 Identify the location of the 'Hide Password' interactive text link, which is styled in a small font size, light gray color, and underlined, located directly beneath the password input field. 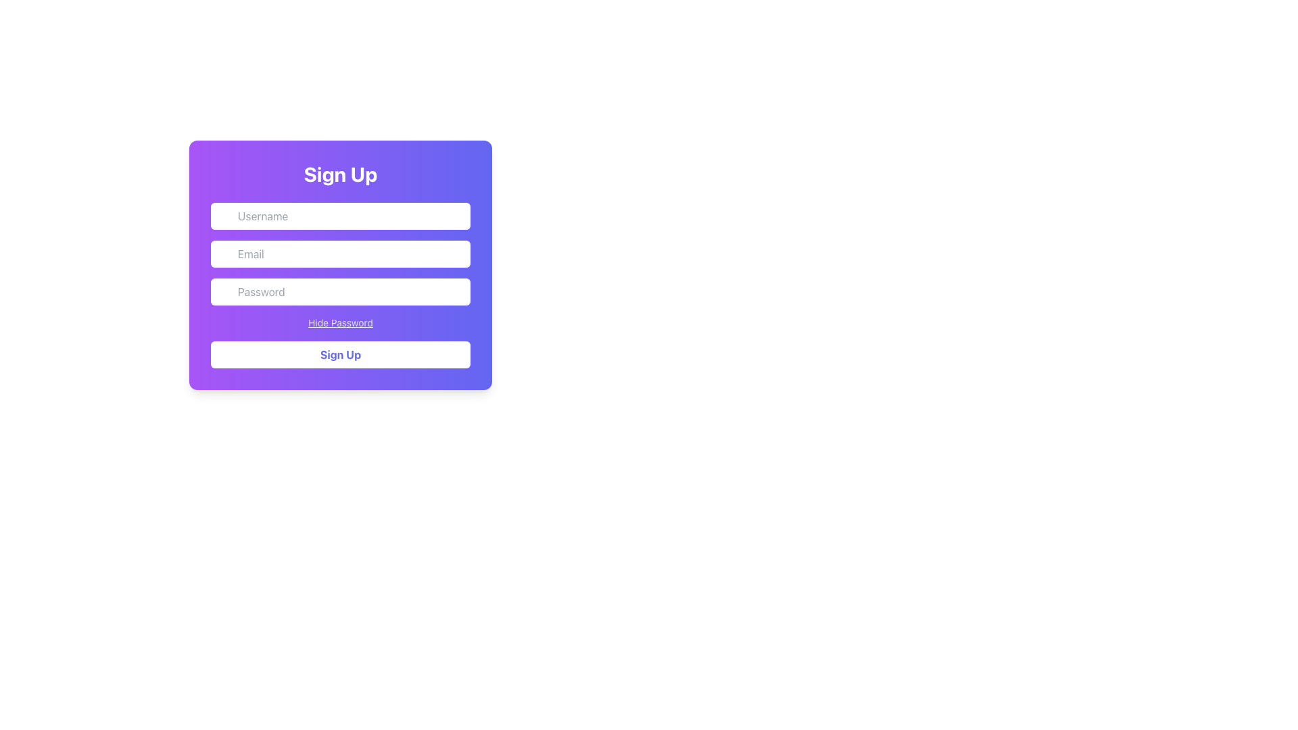
(341, 323).